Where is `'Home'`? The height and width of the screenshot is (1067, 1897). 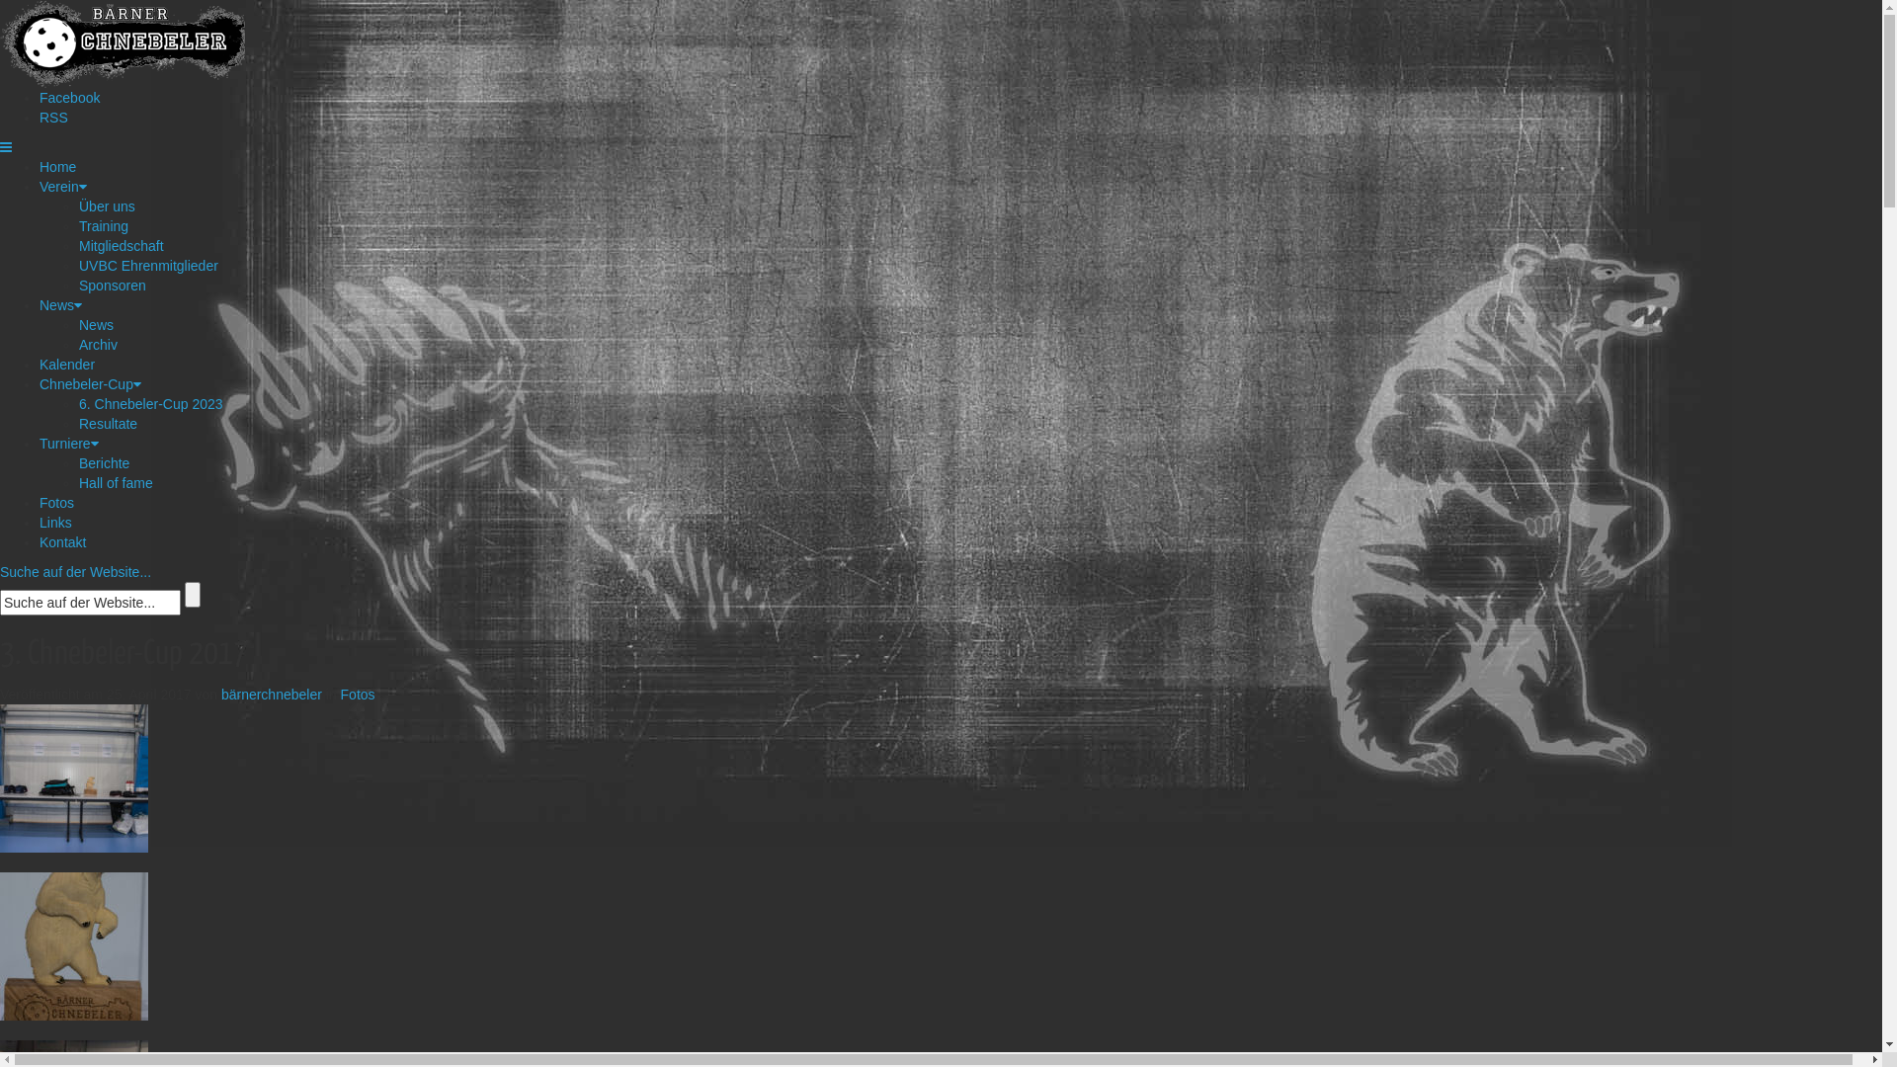 'Home' is located at coordinates (57, 166).